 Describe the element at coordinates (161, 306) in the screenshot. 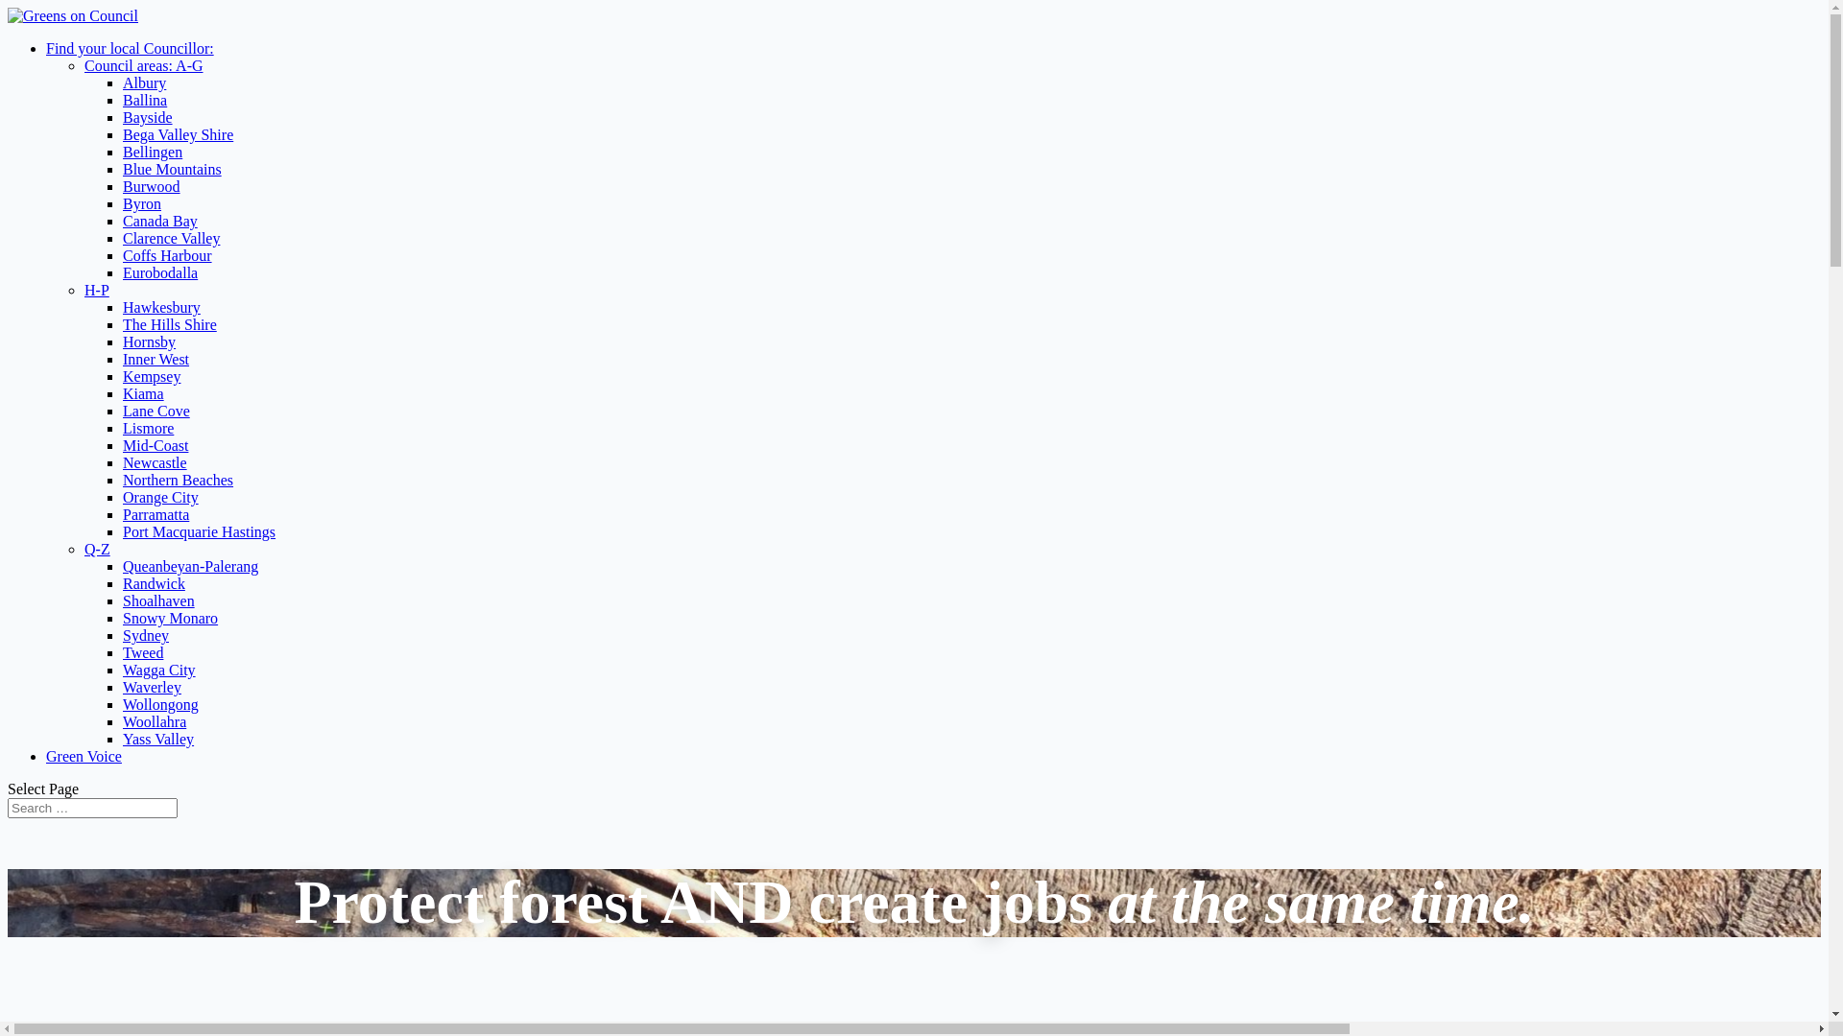

I see `'Hawkesbury'` at that location.